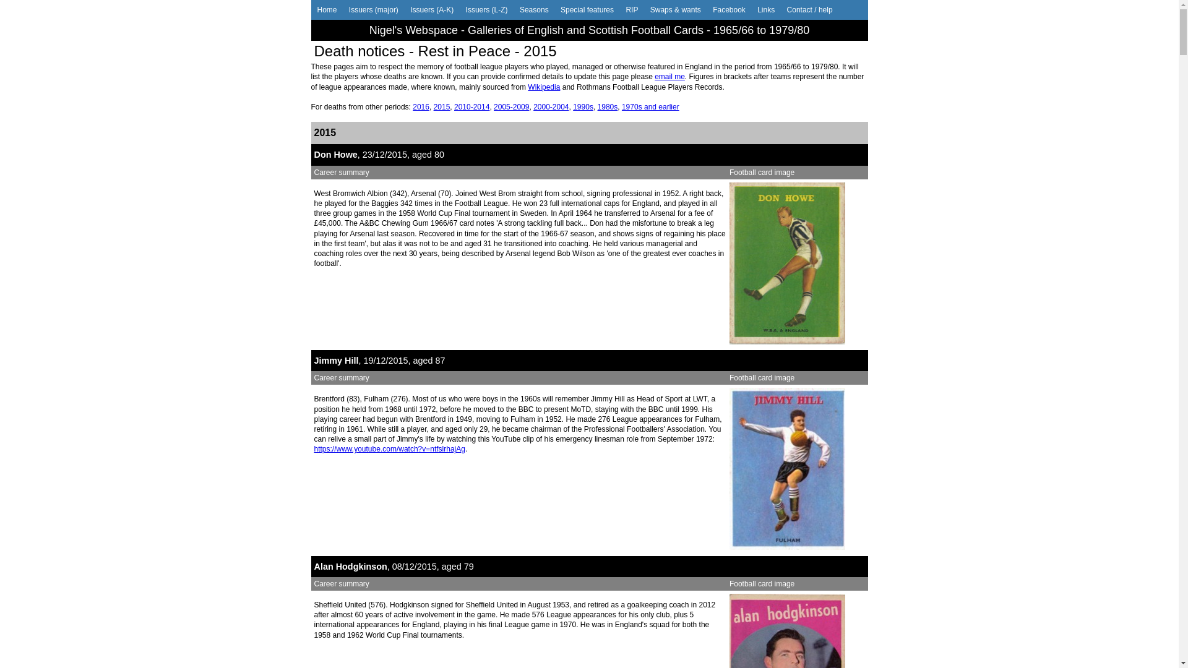 This screenshot has height=668, width=1188. I want to click on 'https://www.youtube.com/watch?v=ntfslrhajAg', so click(389, 448).